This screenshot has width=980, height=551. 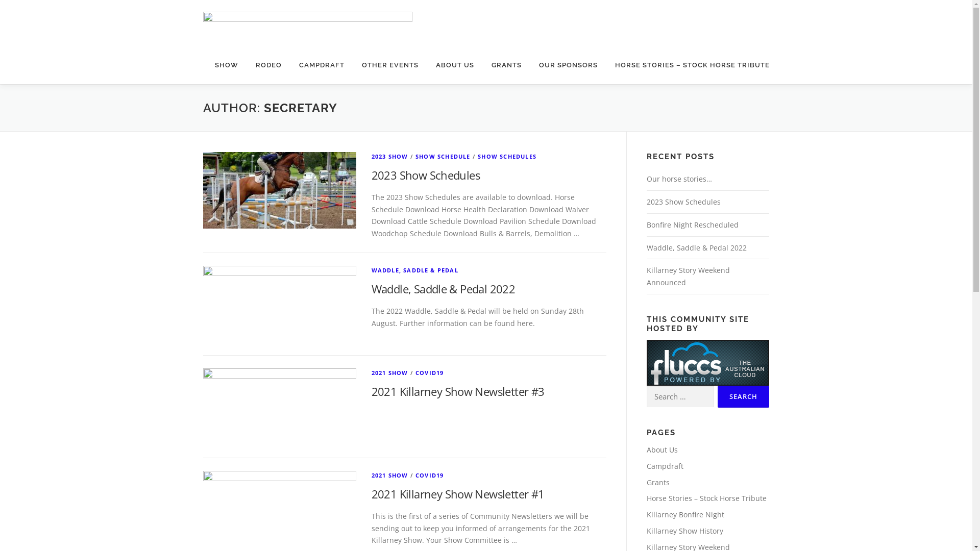 What do you see at coordinates (664, 466) in the screenshot?
I see `'Campdraft'` at bounding box center [664, 466].